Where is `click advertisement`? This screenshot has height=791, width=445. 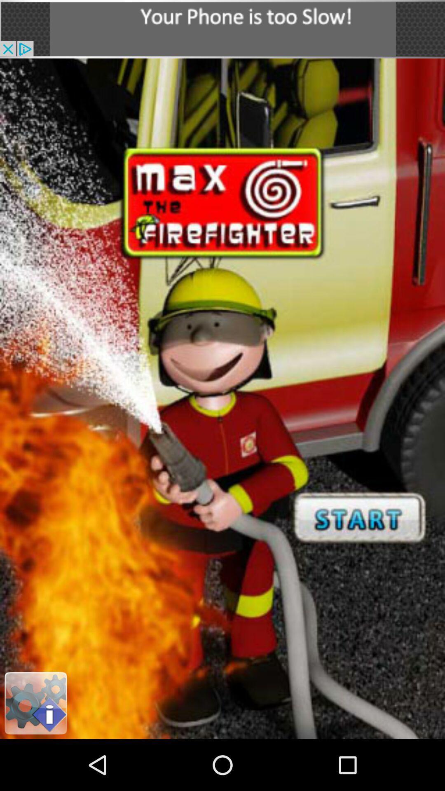 click advertisement is located at coordinates (222, 29).